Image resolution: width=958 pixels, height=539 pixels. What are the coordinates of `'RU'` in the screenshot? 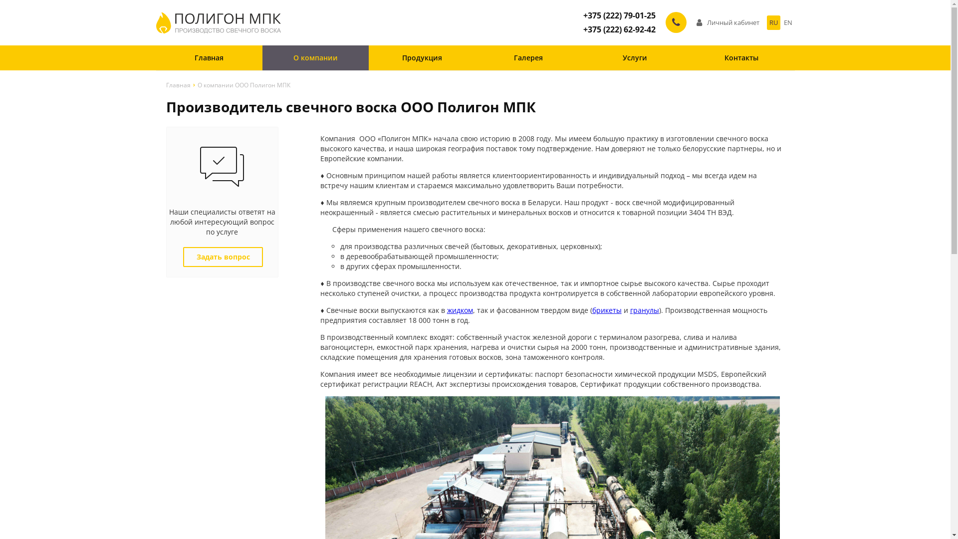 It's located at (772, 22).